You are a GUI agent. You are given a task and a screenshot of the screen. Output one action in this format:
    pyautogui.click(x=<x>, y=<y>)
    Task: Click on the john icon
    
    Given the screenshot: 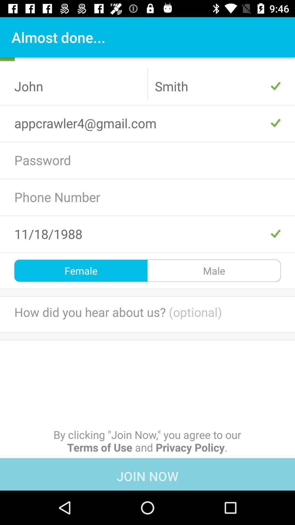 What is the action you would take?
    pyautogui.click(x=77, y=86)
    